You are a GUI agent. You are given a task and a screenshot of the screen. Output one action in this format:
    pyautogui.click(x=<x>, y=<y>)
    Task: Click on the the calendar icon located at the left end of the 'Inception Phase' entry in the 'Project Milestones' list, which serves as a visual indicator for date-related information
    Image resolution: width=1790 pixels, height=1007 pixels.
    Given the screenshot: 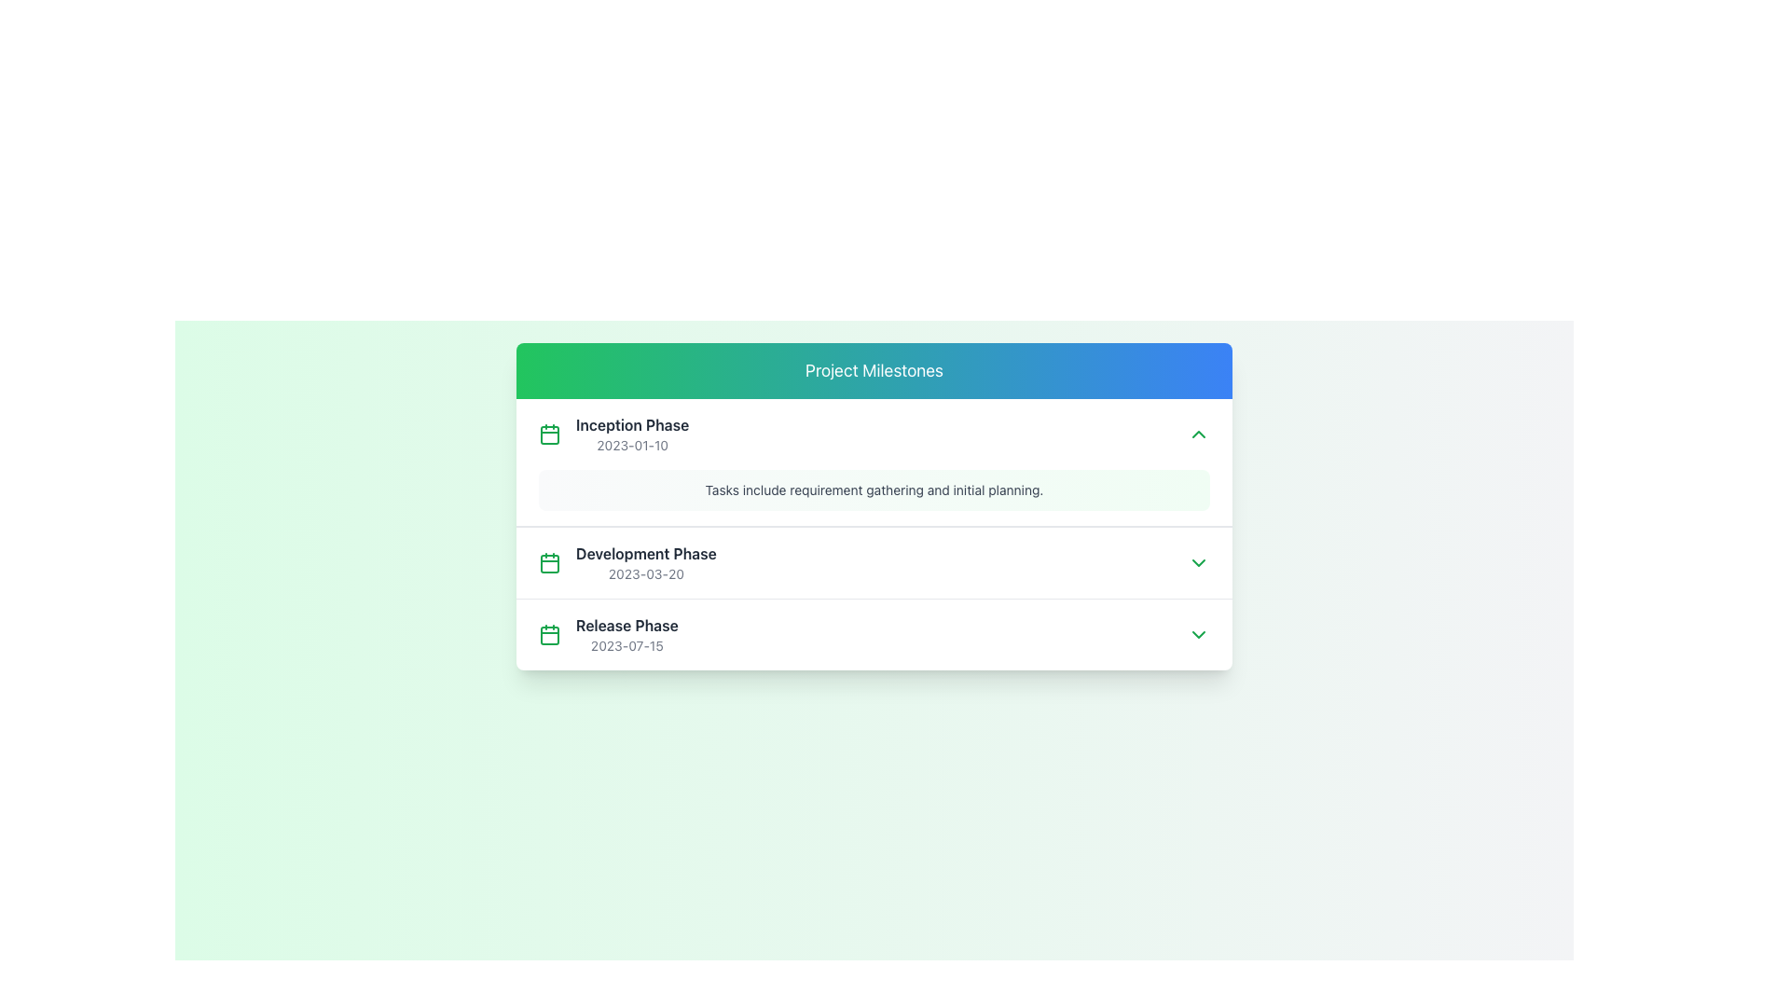 What is the action you would take?
    pyautogui.click(x=549, y=635)
    